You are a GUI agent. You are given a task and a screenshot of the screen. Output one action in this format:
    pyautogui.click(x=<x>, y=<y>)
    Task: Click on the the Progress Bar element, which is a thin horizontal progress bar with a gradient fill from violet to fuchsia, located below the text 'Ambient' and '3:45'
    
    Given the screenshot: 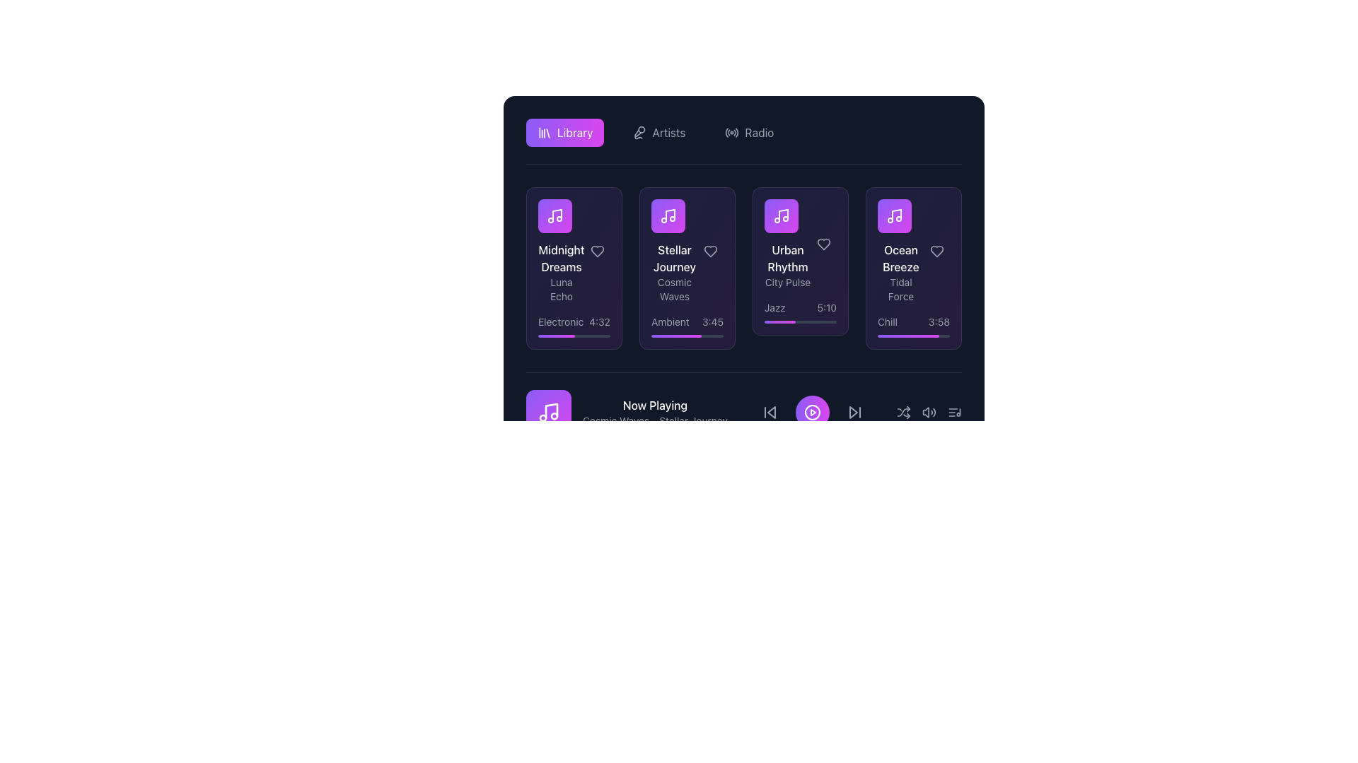 What is the action you would take?
    pyautogui.click(x=687, y=336)
    